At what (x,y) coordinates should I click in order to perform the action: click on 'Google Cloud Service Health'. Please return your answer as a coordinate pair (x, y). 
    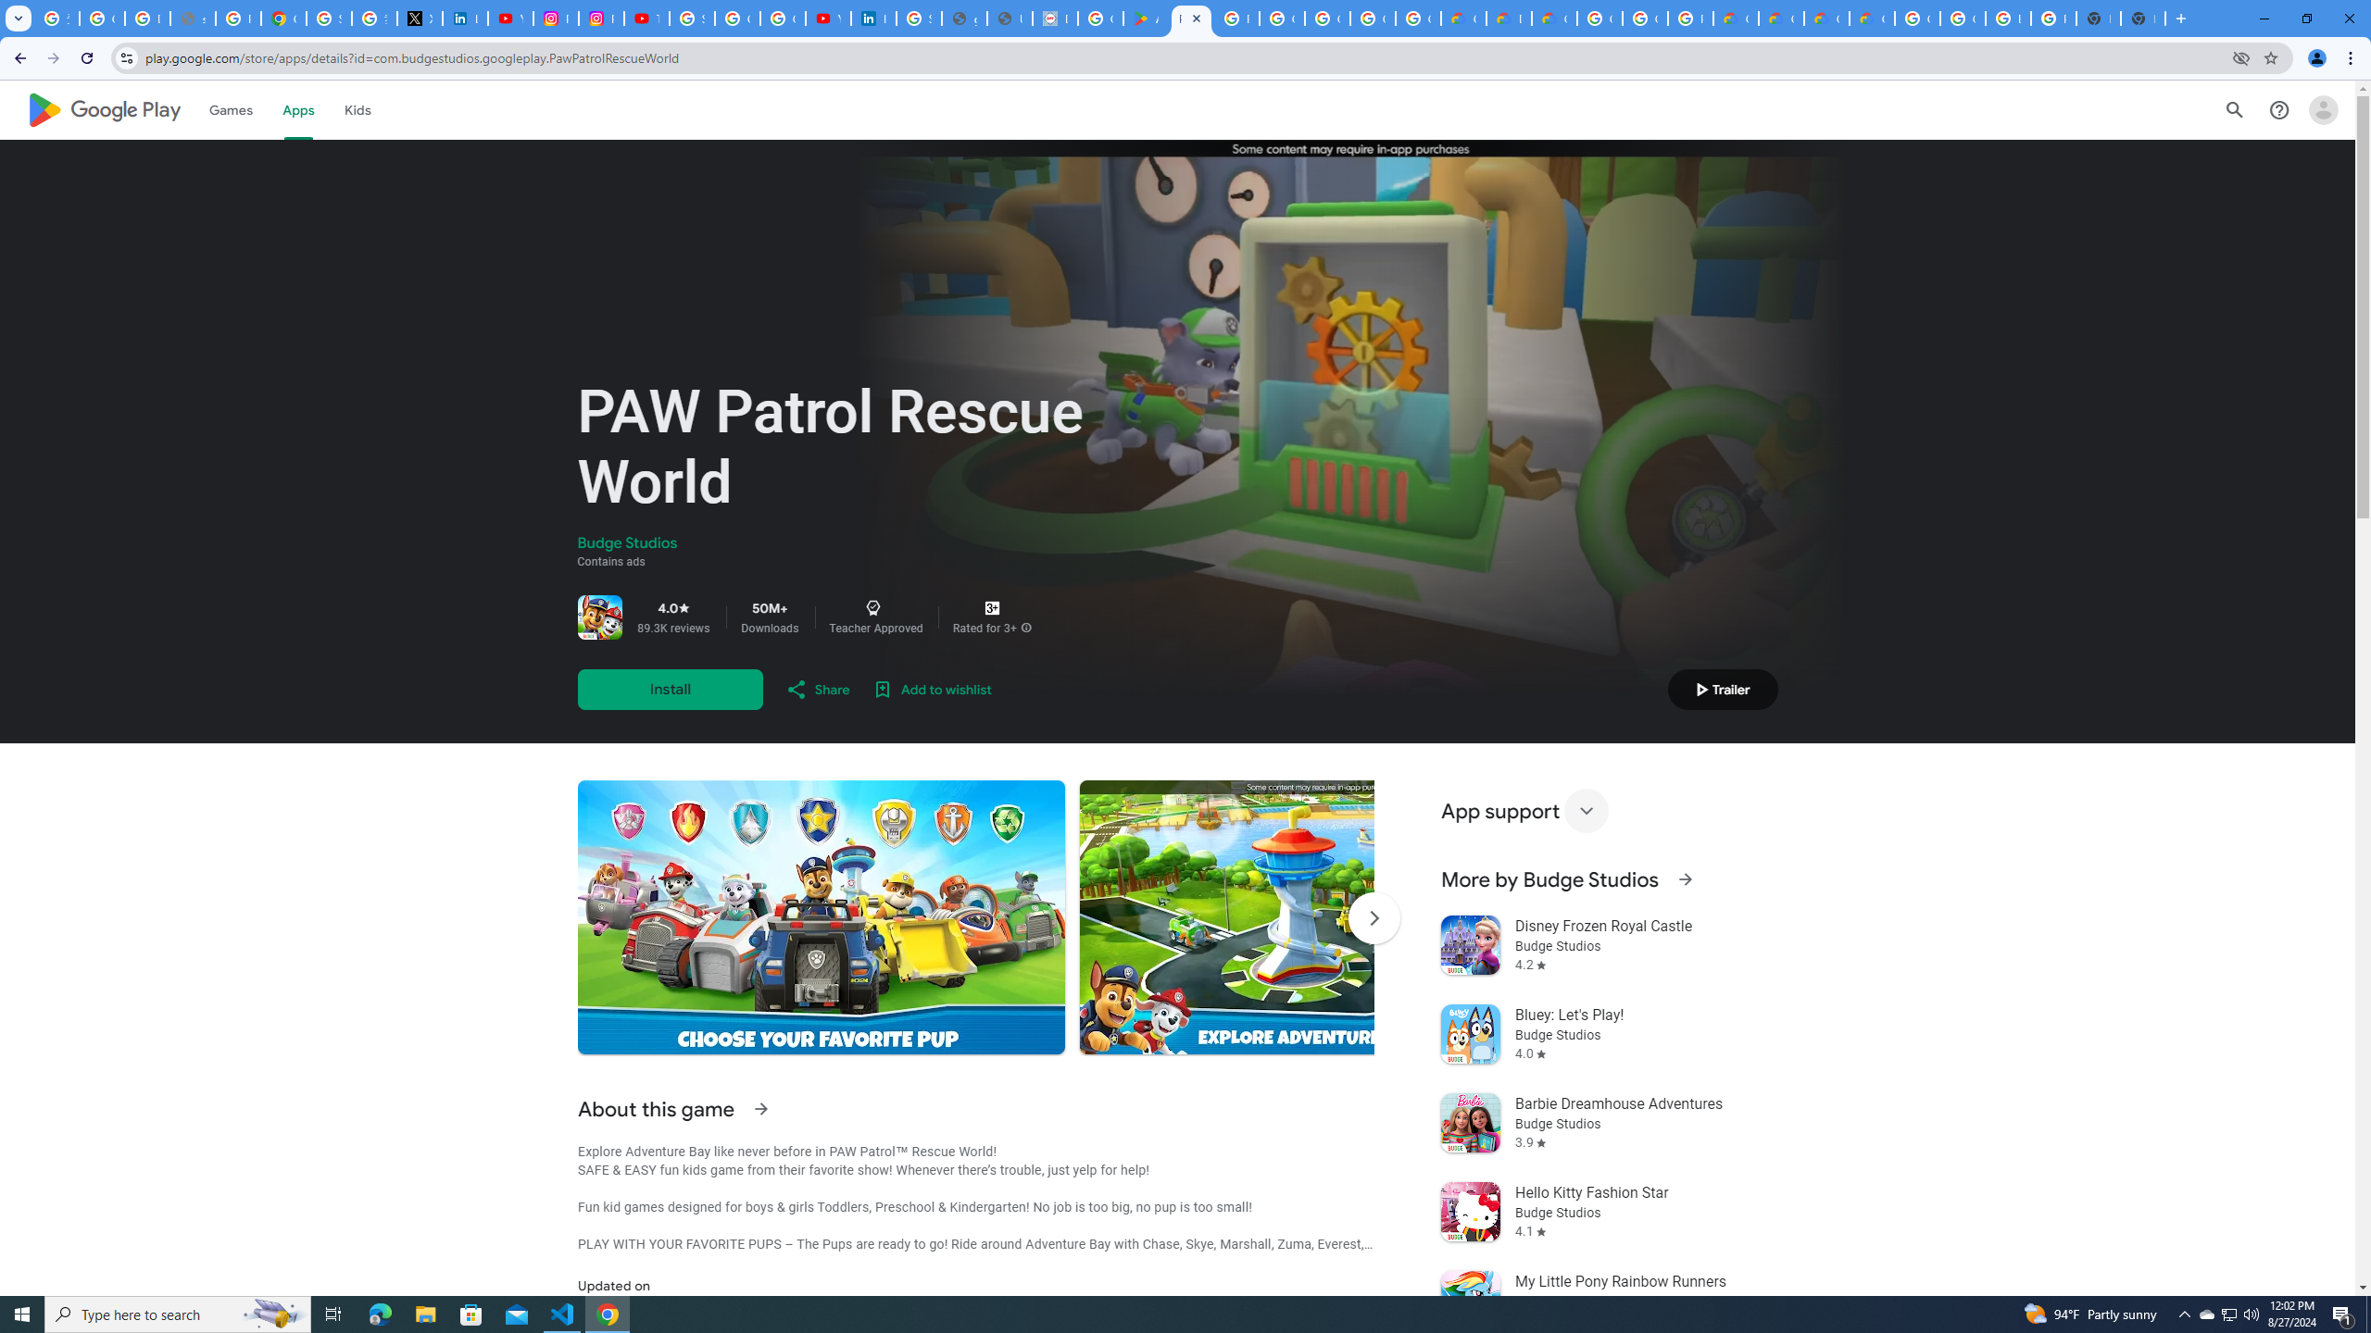
    Looking at the image, I should click on (1872, 18).